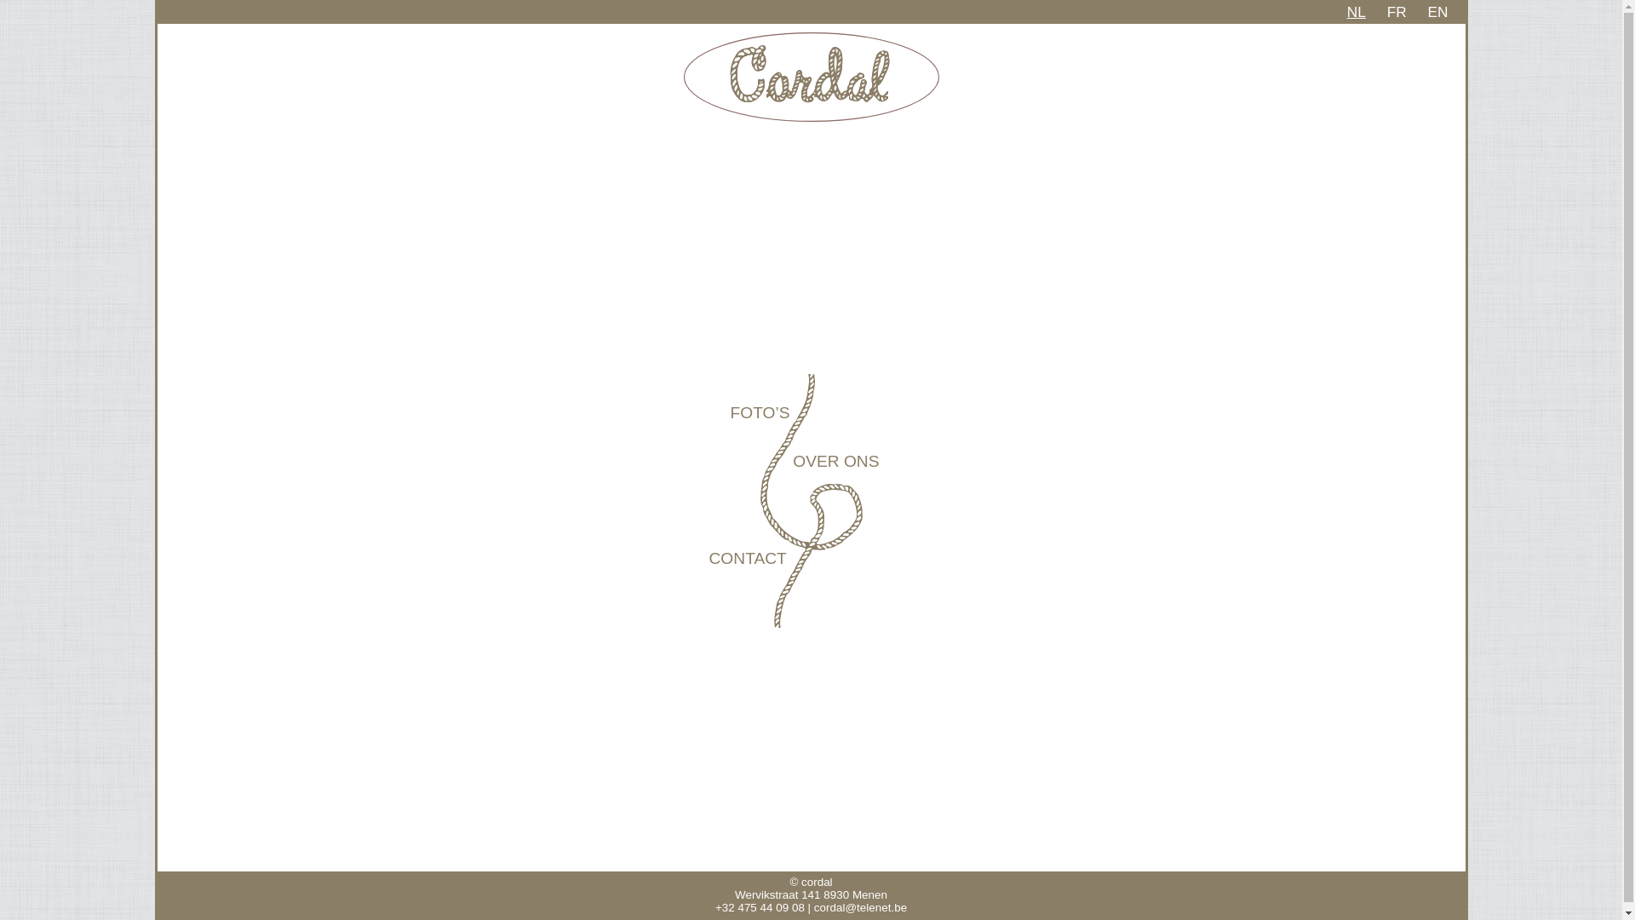  What do you see at coordinates (747, 558) in the screenshot?
I see `'CONTACT'` at bounding box center [747, 558].